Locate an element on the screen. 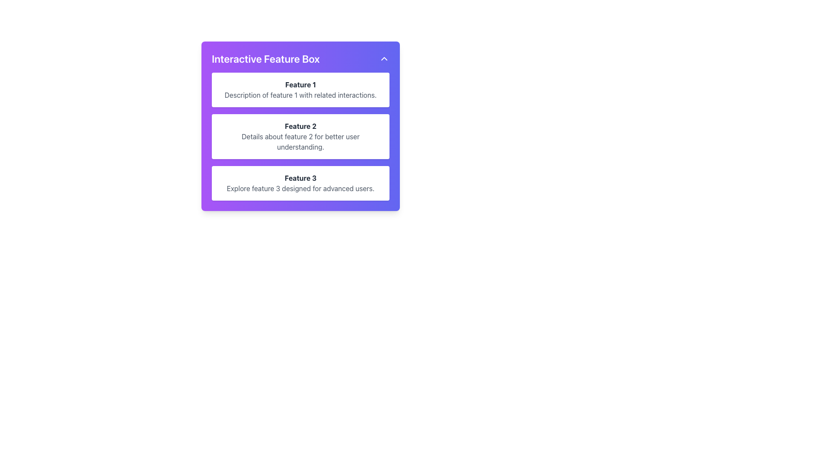  the text label displaying 'Feature 3', which is styled with bold font and dark gray color, located in the bottom part of the third feature card is located at coordinates (300, 178).